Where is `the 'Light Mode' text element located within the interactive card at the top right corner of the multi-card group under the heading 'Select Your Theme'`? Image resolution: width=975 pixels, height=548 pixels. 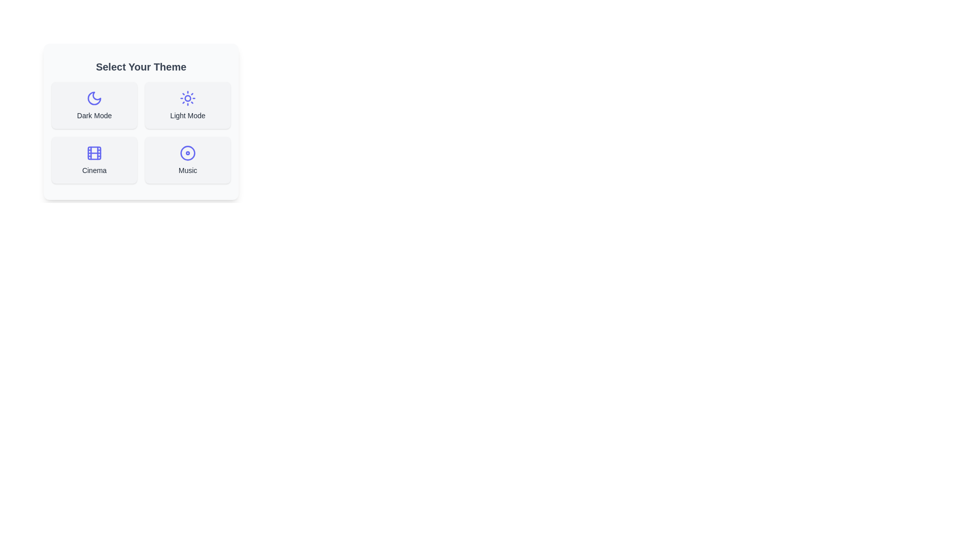 the 'Light Mode' text element located within the interactive card at the top right corner of the multi-card group under the heading 'Select Your Theme' is located at coordinates (187, 115).